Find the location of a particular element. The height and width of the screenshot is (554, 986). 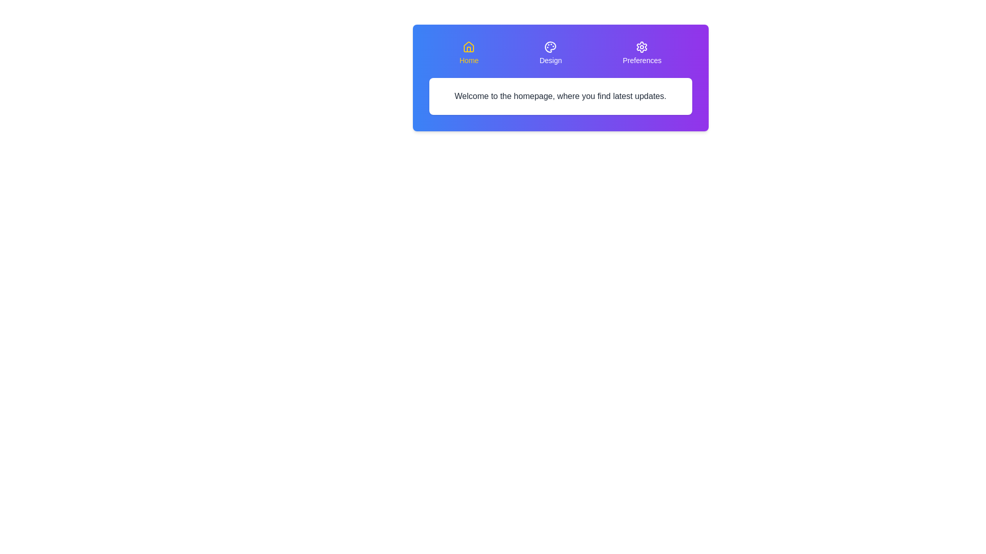

the tab labeled Design to observe its hover effect is located at coordinates (550, 53).